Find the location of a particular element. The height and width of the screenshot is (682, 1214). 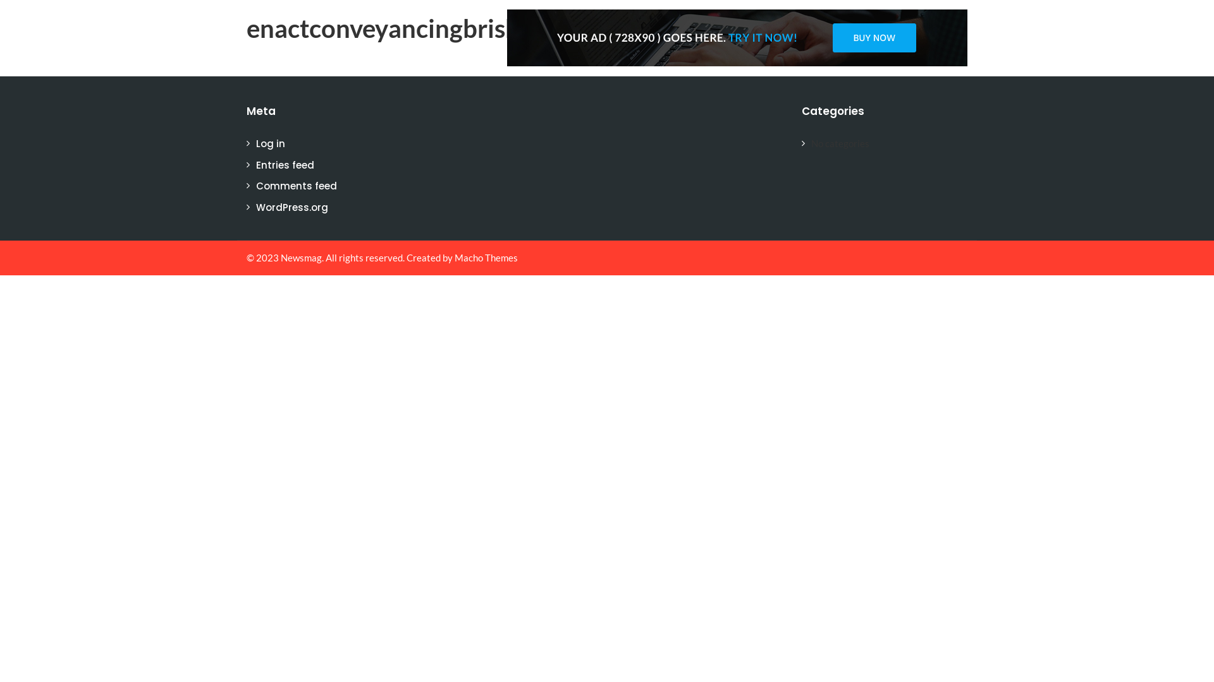

'enactconveyancingbrisbane.com.au' is located at coordinates (447, 28).